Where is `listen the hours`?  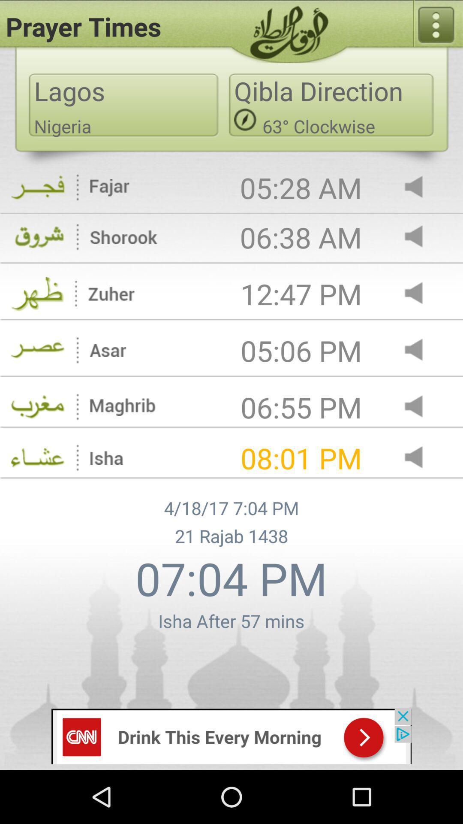 listen the hours is located at coordinates (421, 407).